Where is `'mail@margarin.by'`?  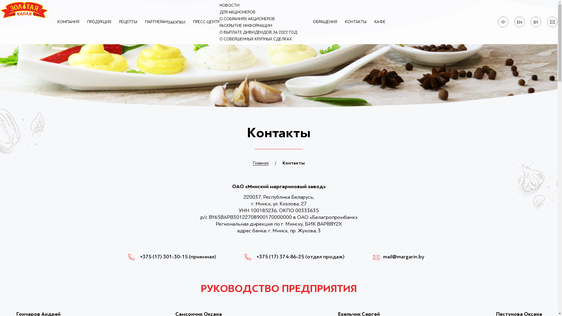 'mail@margarin.by' is located at coordinates (398, 257).